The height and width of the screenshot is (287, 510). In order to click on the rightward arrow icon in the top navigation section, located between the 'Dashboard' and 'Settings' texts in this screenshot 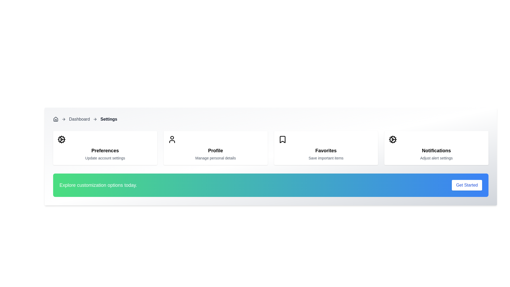, I will do `click(95, 119)`.